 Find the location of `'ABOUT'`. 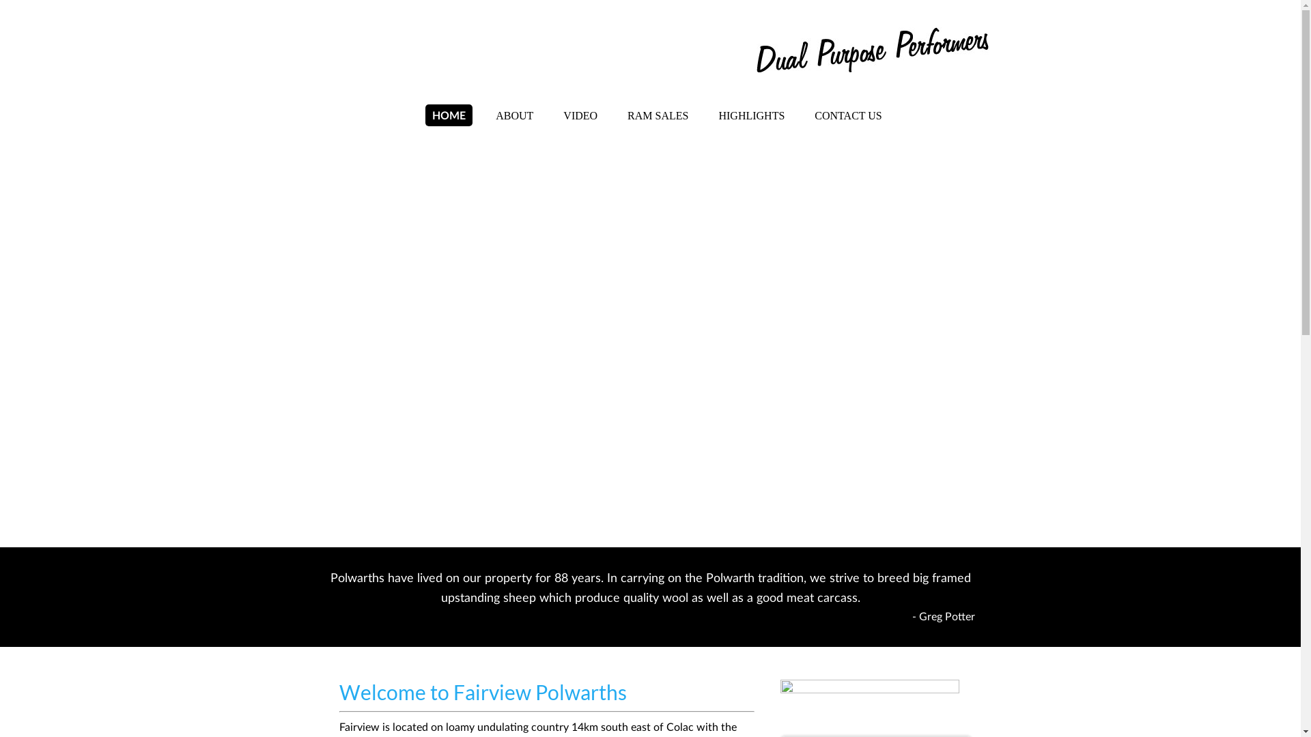

'ABOUT' is located at coordinates (488, 115).